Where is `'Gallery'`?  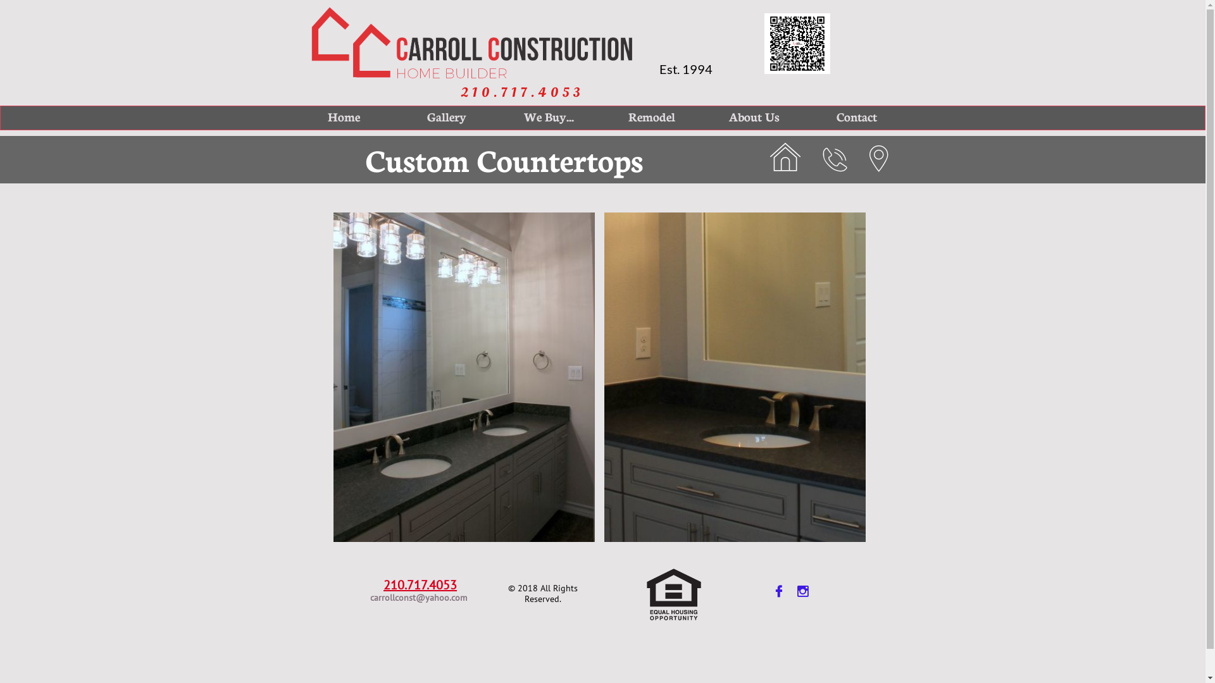
'Gallery' is located at coordinates (400, 116).